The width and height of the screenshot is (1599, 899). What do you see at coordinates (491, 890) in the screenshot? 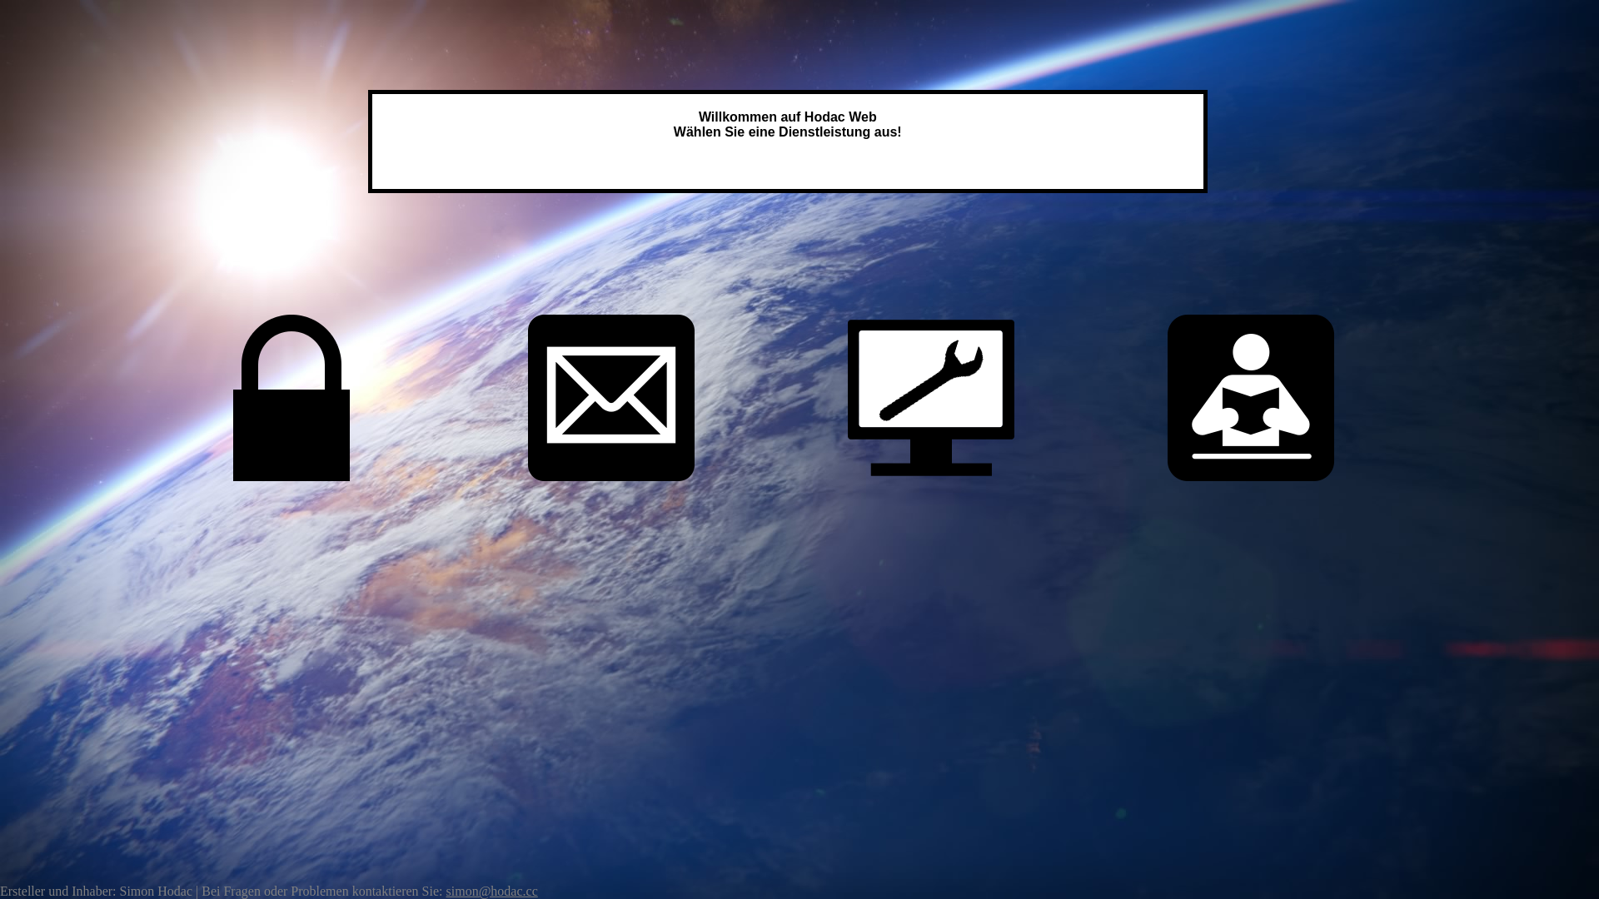
I see `'simon@hodac.cc'` at bounding box center [491, 890].